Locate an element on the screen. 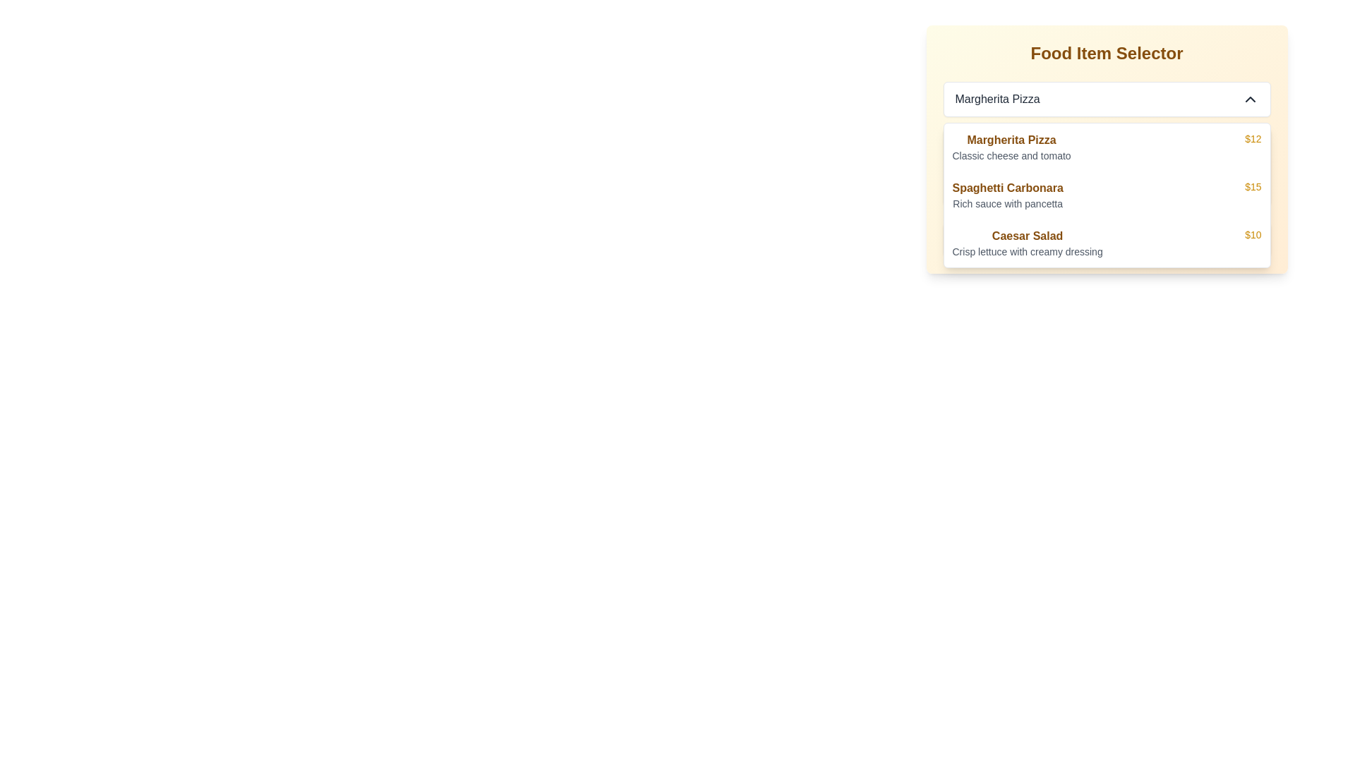  the text label displaying 'Margherita Pizza', located near the top left of the food items list is located at coordinates (996, 99).